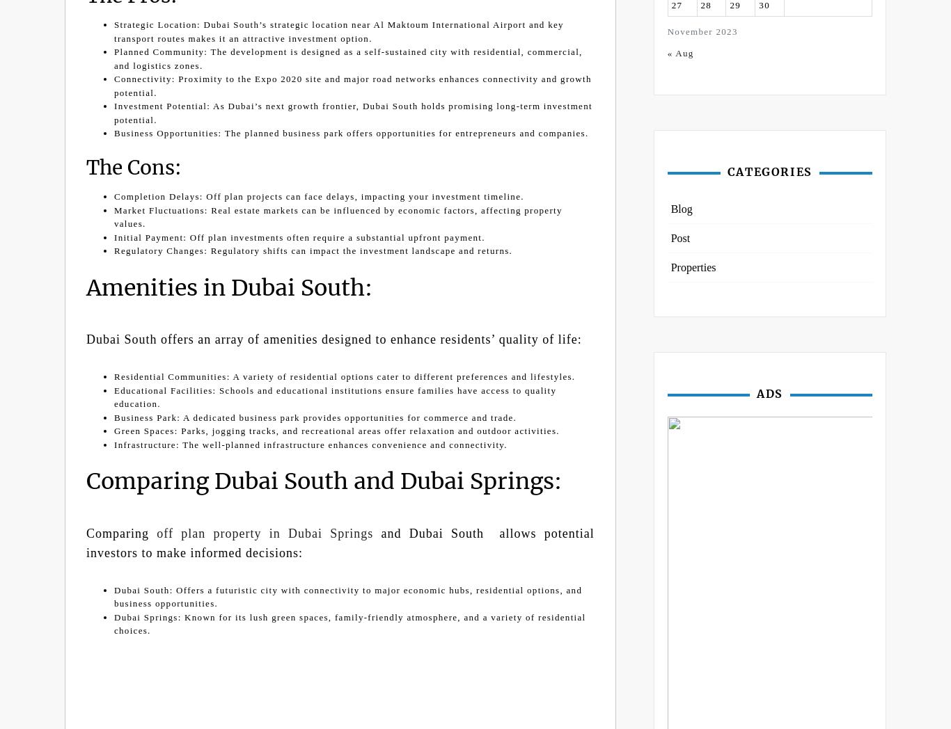 This screenshot has height=729, width=951. What do you see at coordinates (229, 287) in the screenshot?
I see `'Amenities in Dubai South:'` at bounding box center [229, 287].